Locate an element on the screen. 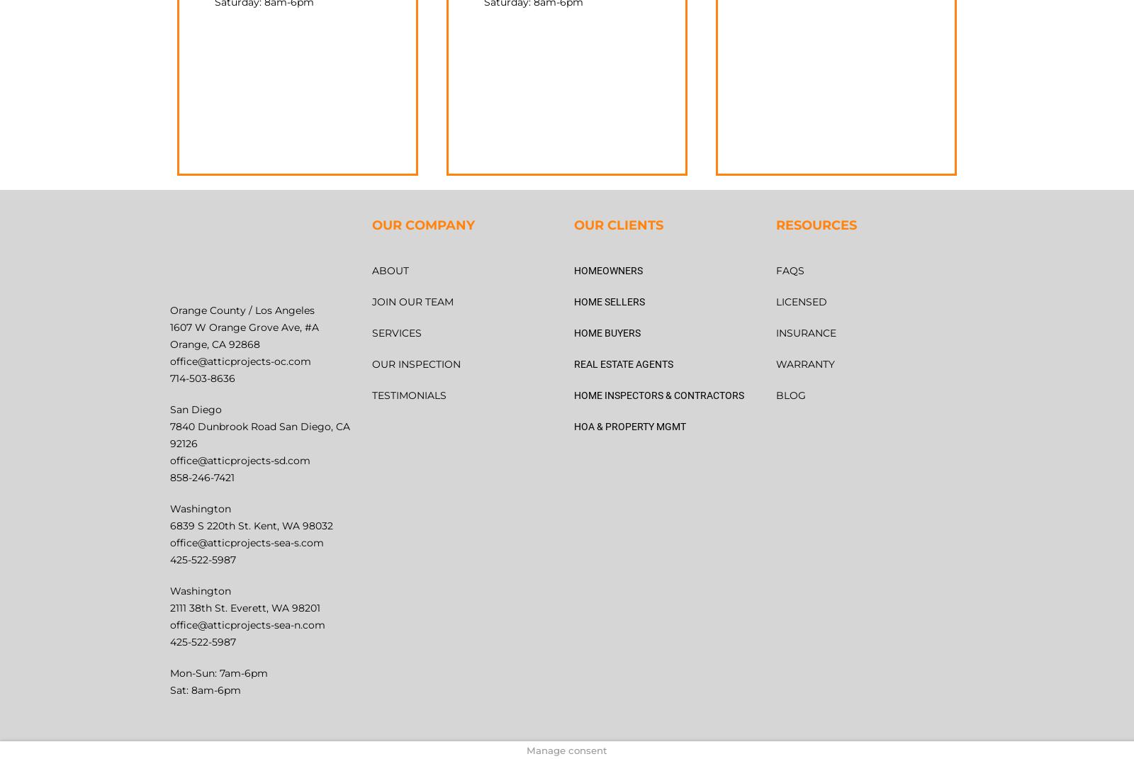 Image resolution: width=1134 pixels, height=759 pixels. '7840 Dunbrook Road San Diego, CA 92126' is located at coordinates (260, 434).